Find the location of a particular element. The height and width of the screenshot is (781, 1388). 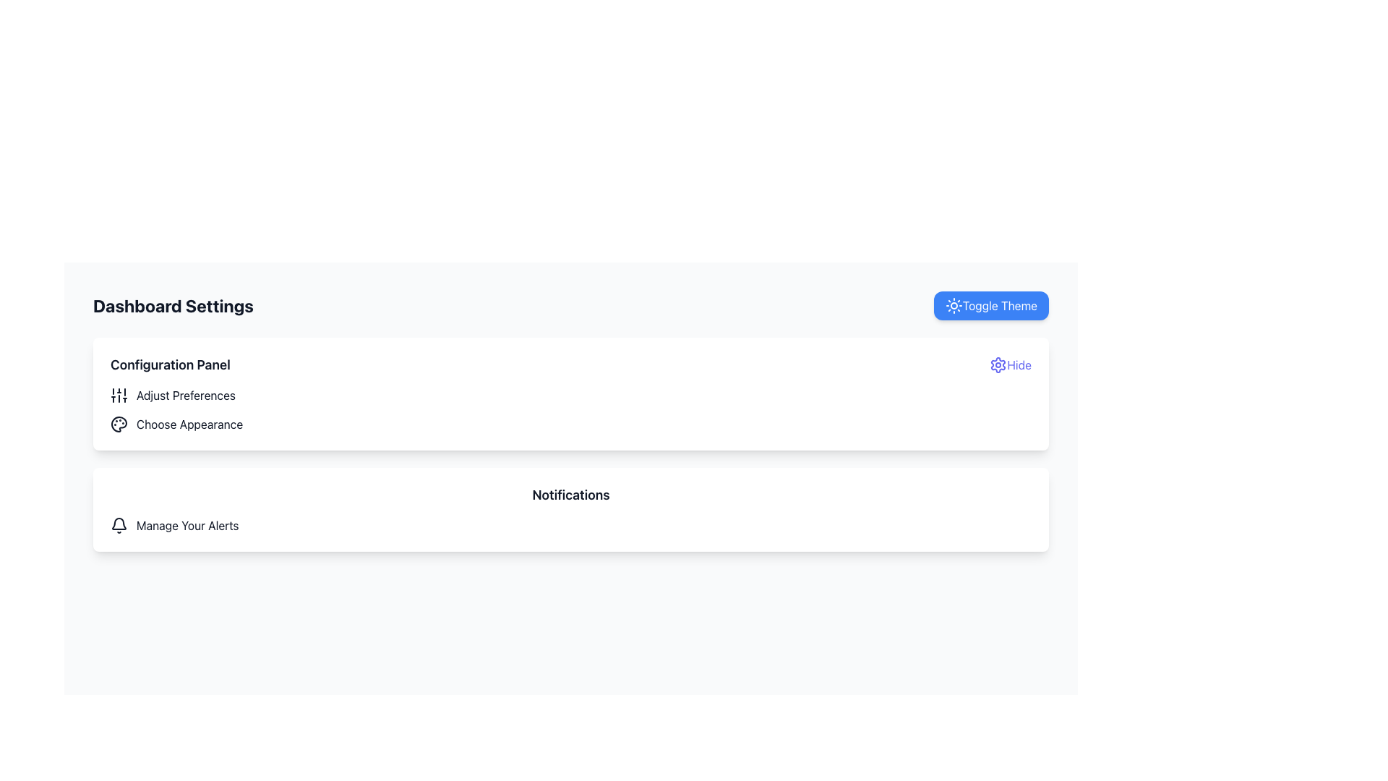

the sun icon within the 'Toggle Theme' button is located at coordinates (954, 305).